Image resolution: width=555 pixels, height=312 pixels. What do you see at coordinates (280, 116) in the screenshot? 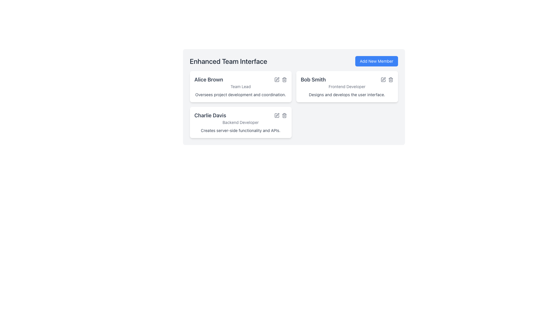
I see `the edit icon (pencil icon) in the control icons grouped for Charlie Davis` at bounding box center [280, 116].